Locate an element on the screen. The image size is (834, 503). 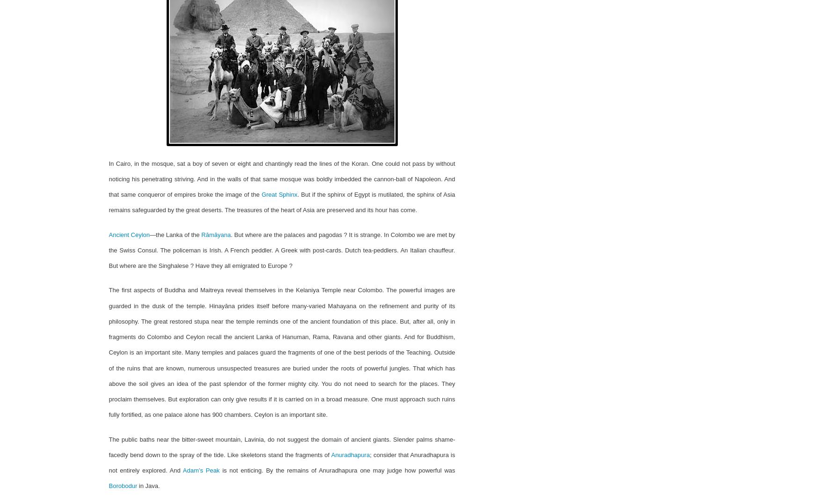
'Anuradhapura' is located at coordinates (350, 454).